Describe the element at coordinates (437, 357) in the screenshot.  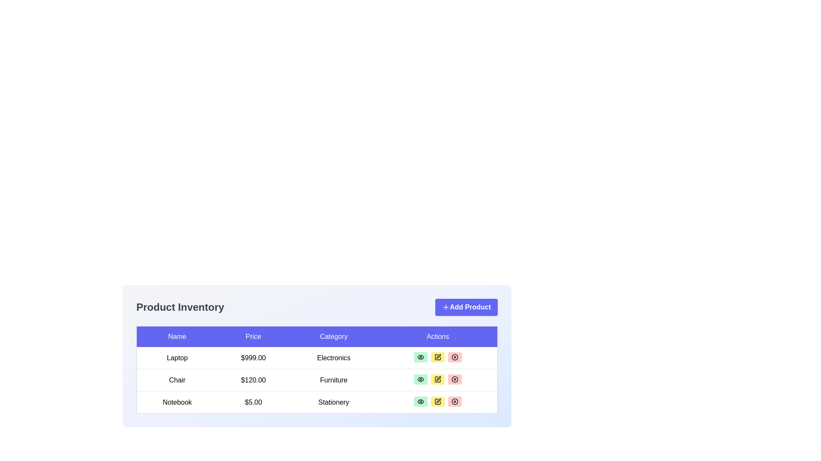
I see `the edit icon button in the Actions column for the Electronics category to initiate editing the product details` at that location.